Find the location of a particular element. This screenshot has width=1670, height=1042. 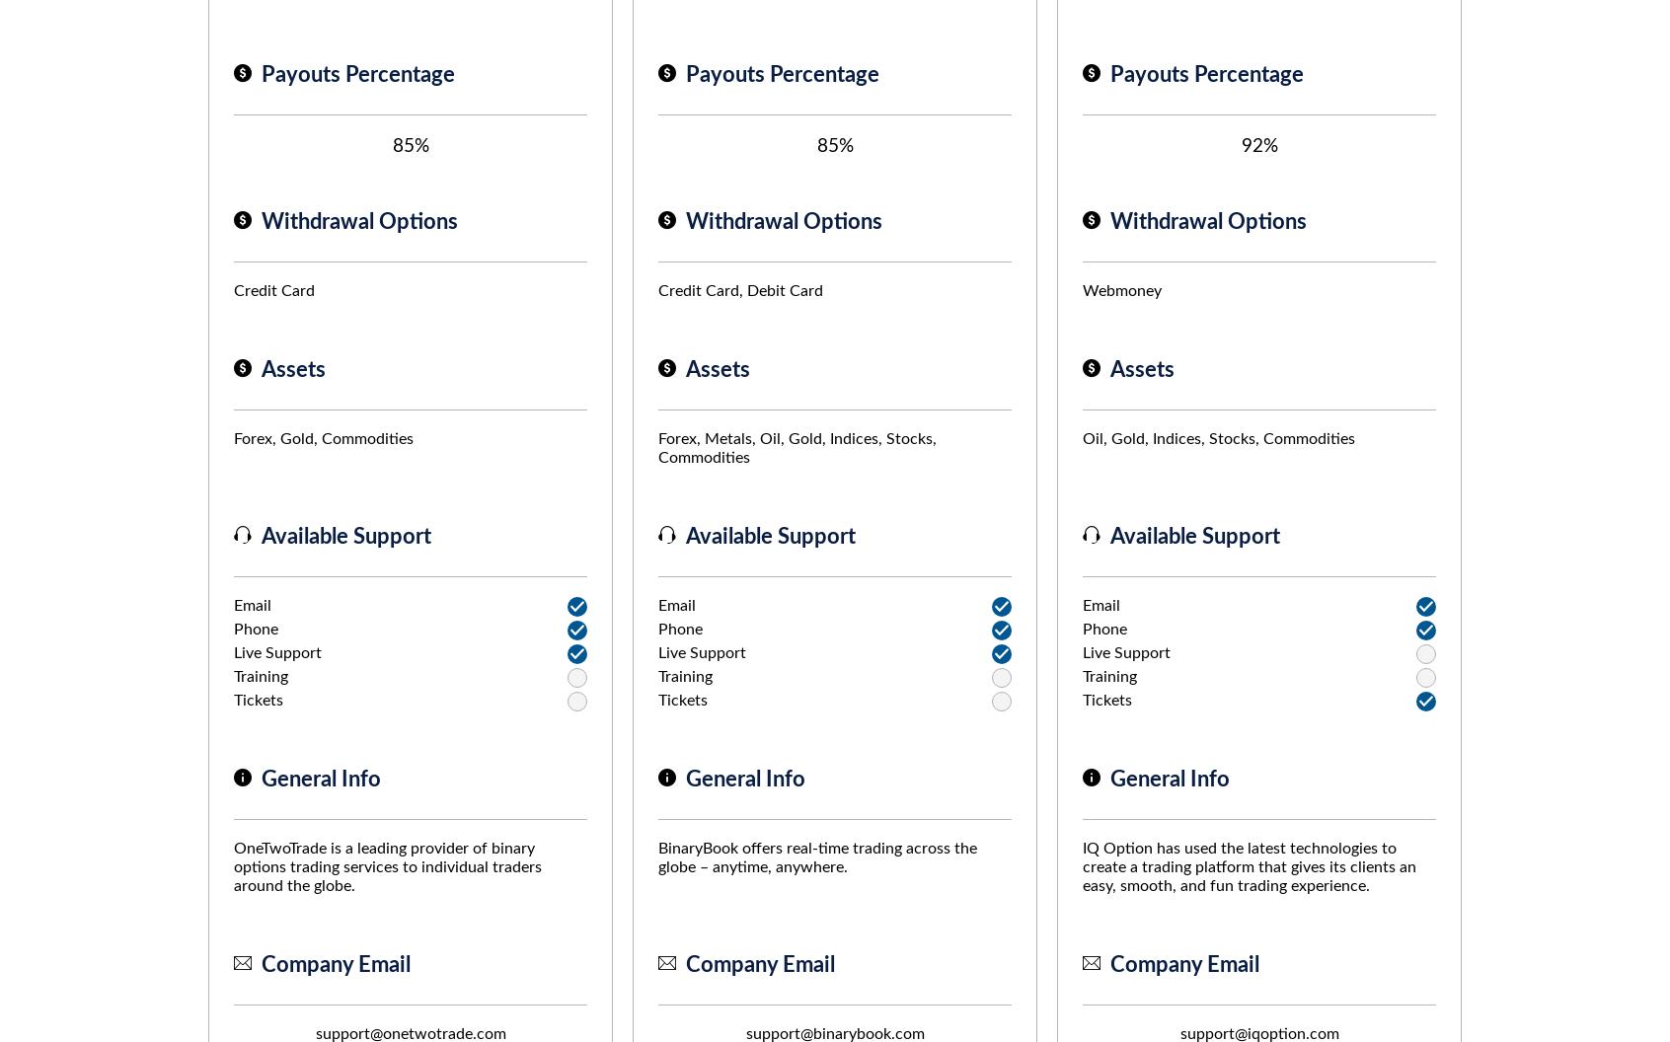

'support@iqoption.com' is located at coordinates (1257, 1032).